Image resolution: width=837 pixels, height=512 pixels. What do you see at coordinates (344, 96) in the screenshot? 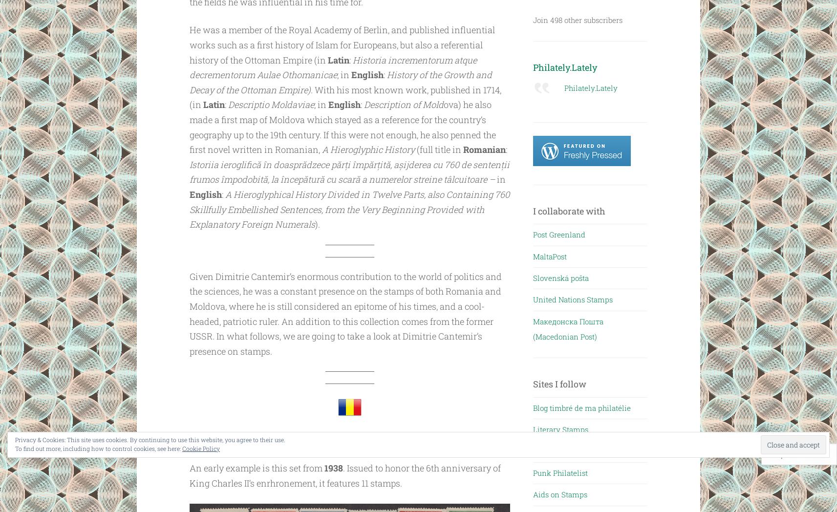
I see `'With his most known work, published in 1714, (in'` at bounding box center [344, 96].